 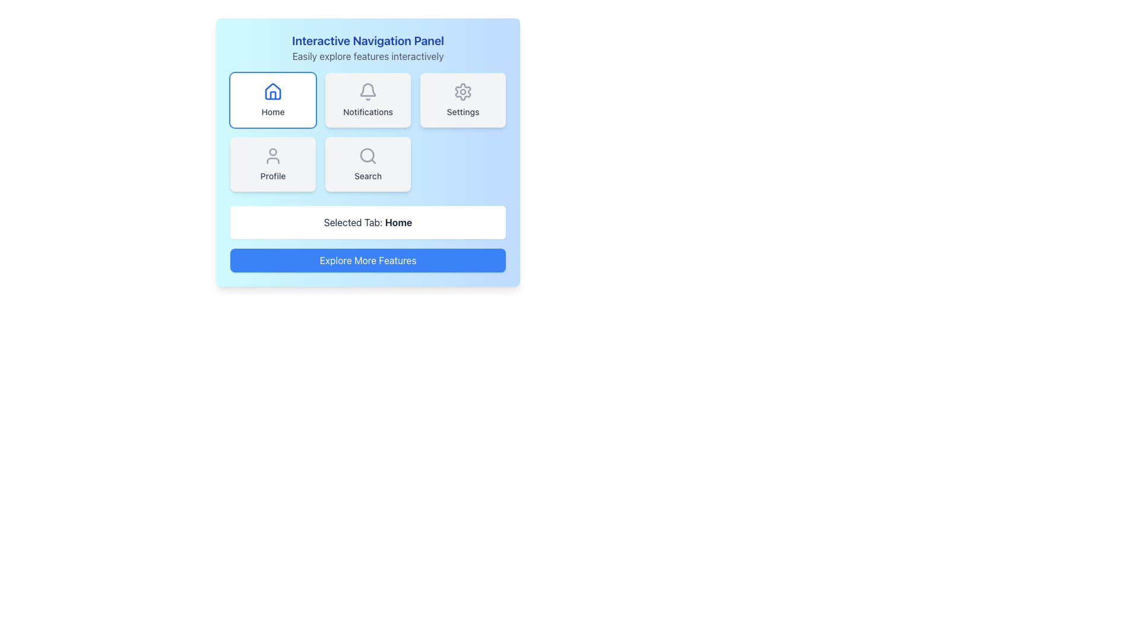 What do you see at coordinates (367, 164) in the screenshot?
I see `the search button located in the second row, second column of the grid layout` at bounding box center [367, 164].